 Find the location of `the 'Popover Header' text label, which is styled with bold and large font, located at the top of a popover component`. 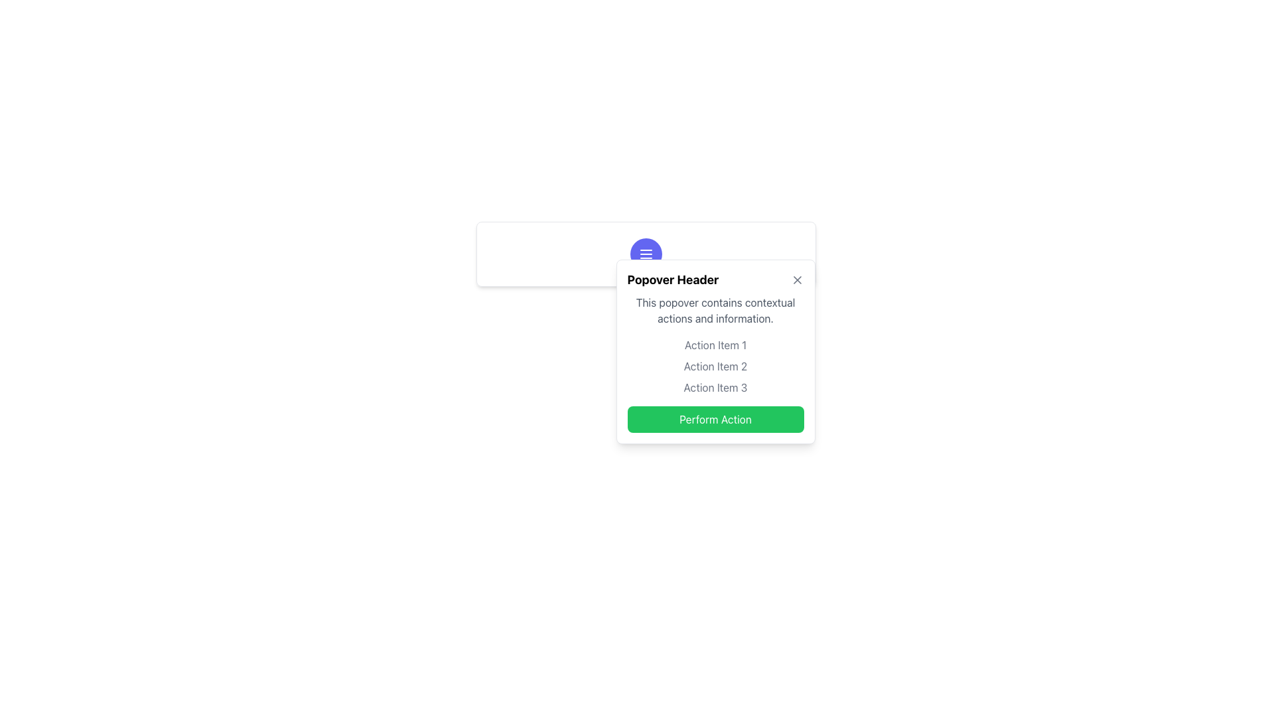

the 'Popover Header' text label, which is styled with bold and large font, located at the top of a popover component is located at coordinates (673, 279).